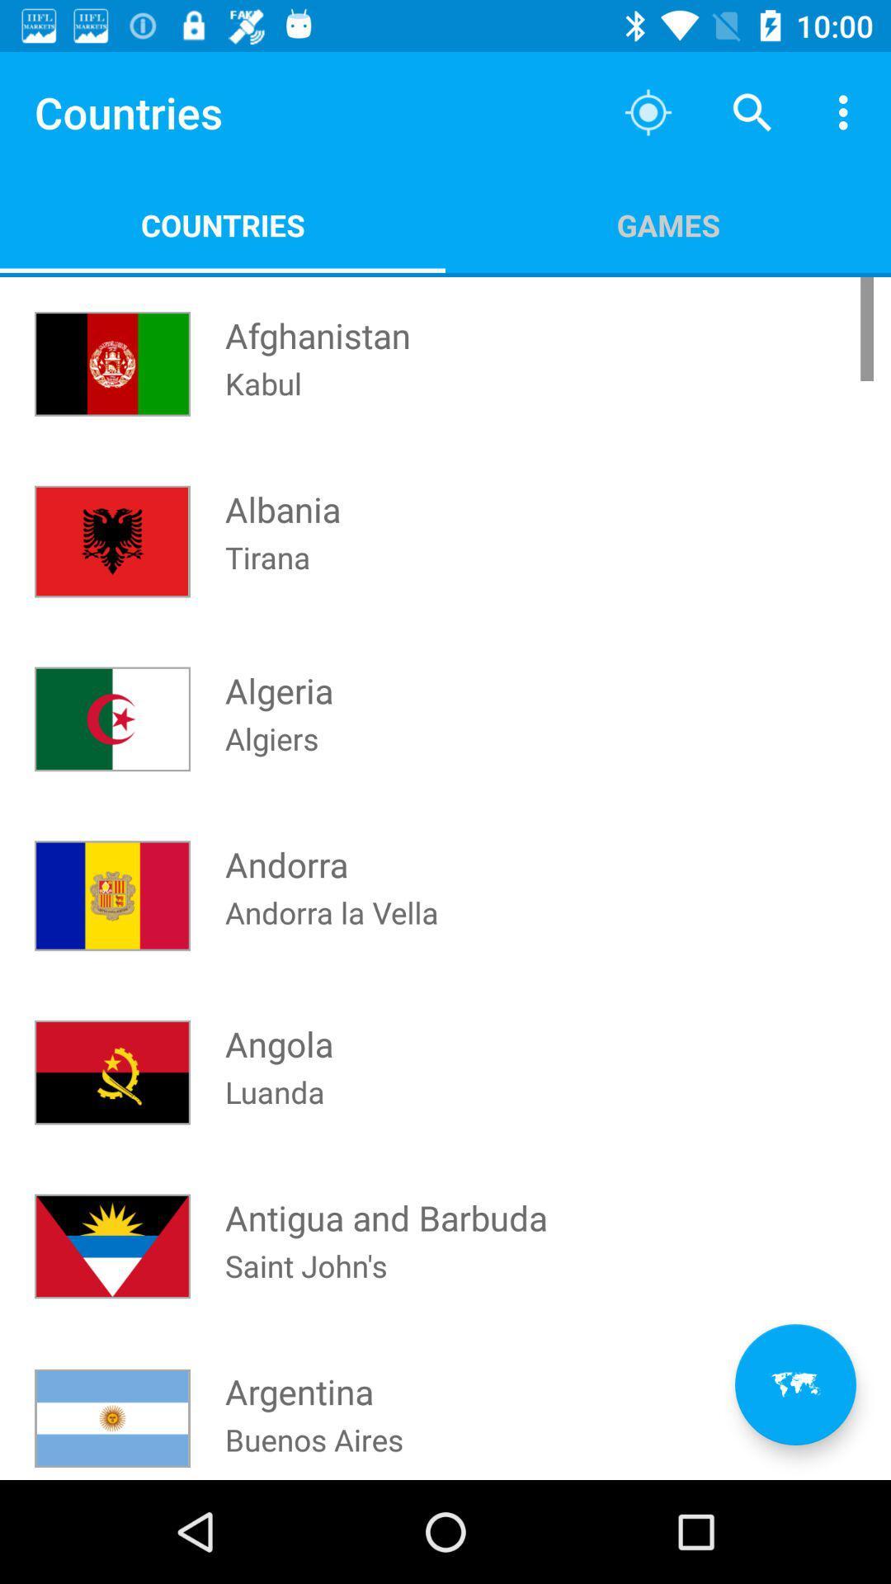 Image resolution: width=891 pixels, height=1584 pixels. Describe the element at coordinates (306, 1286) in the screenshot. I see `the saint john's` at that location.